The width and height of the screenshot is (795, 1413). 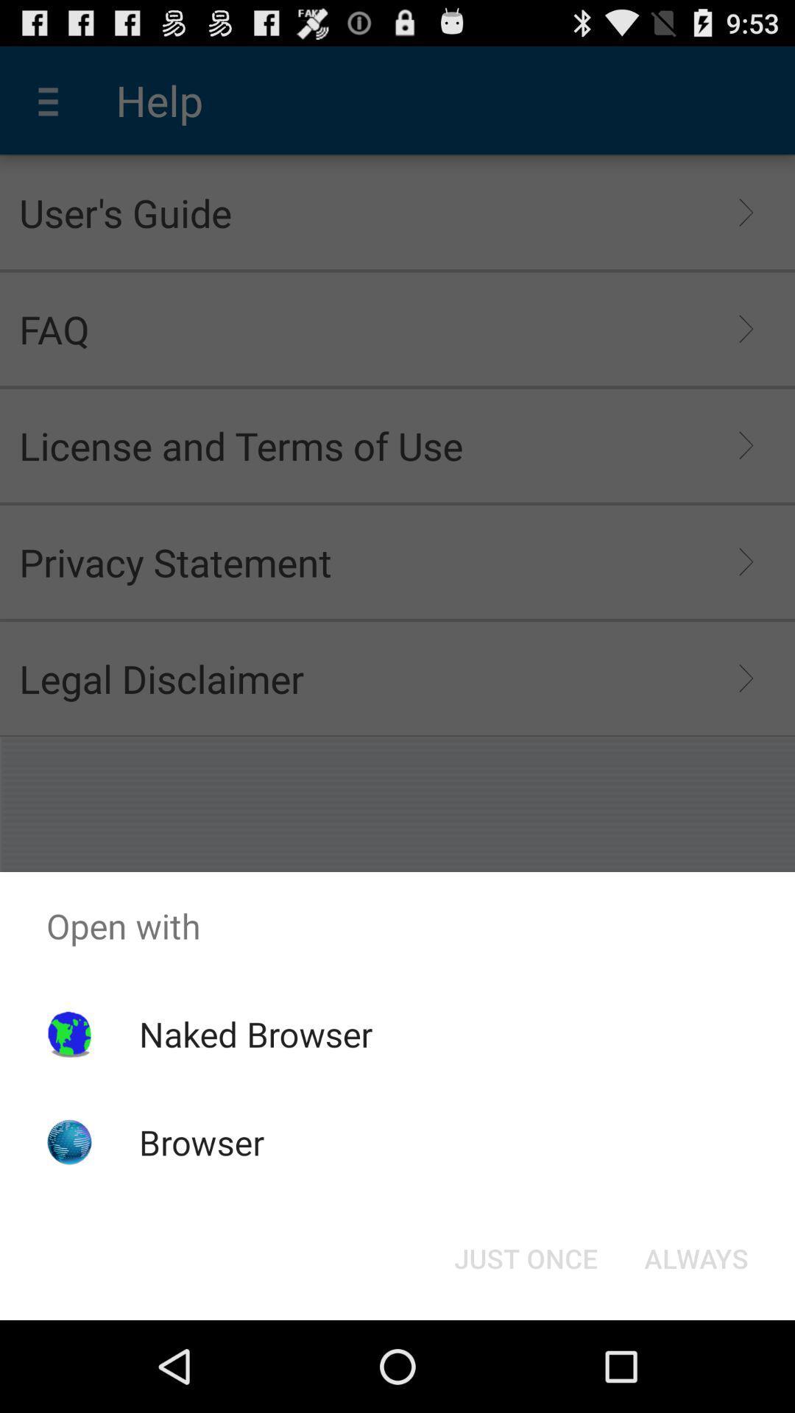 I want to click on the always, so click(x=696, y=1257).